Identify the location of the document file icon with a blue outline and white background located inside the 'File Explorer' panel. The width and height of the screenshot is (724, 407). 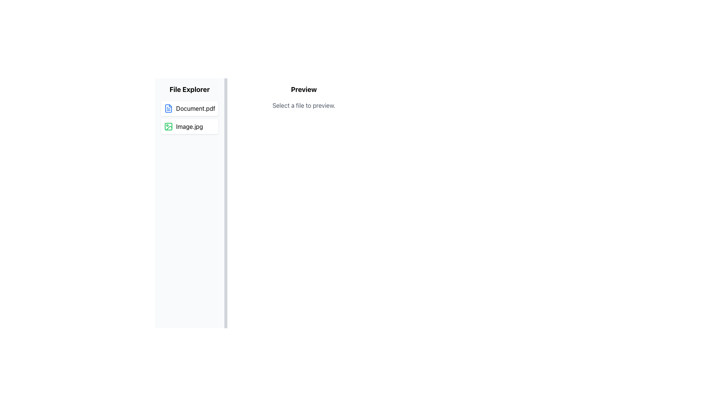
(168, 109).